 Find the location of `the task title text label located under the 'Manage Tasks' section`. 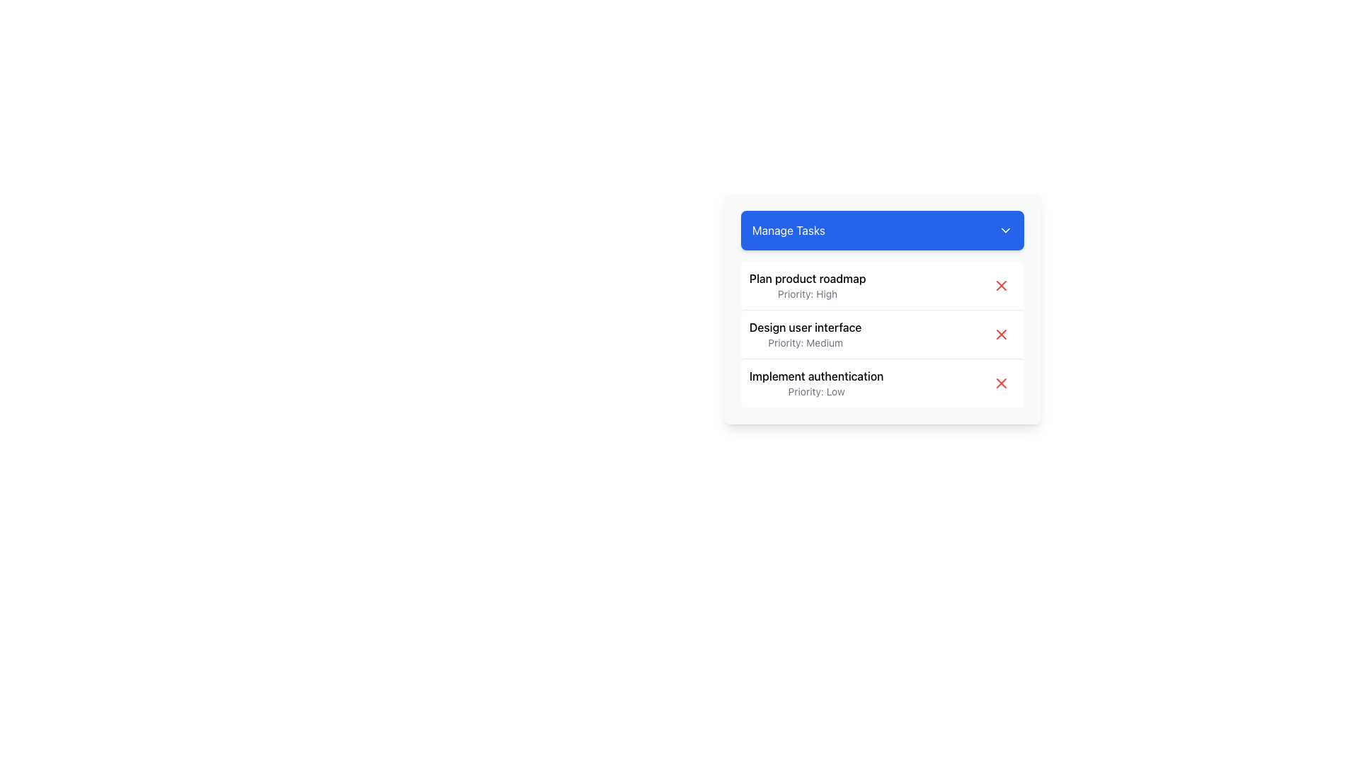

the task title text label located under the 'Manage Tasks' section is located at coordinates (808, 278).